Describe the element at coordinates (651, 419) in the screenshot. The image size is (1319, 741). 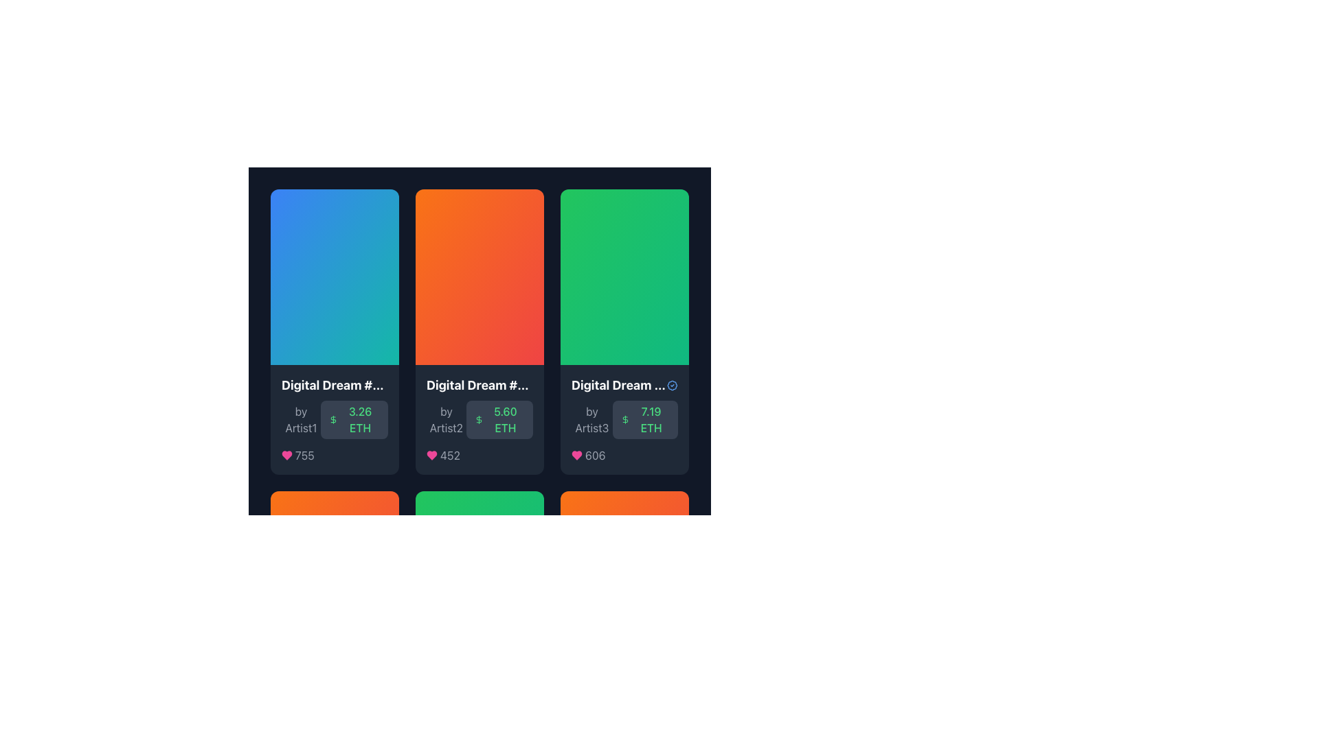
I see `the text label displaying '7.19 ETH' in a green font, which is part of the pricing information in the third card of the row` at that location.